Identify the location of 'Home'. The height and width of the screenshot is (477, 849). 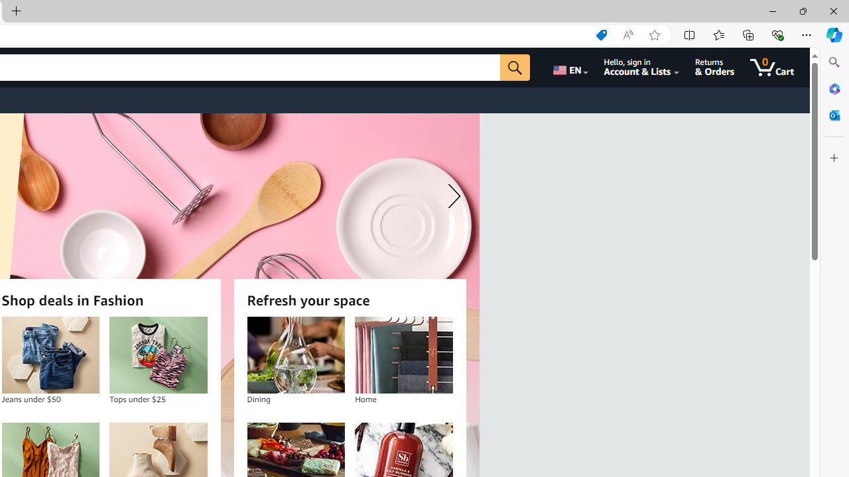
(403, 354).